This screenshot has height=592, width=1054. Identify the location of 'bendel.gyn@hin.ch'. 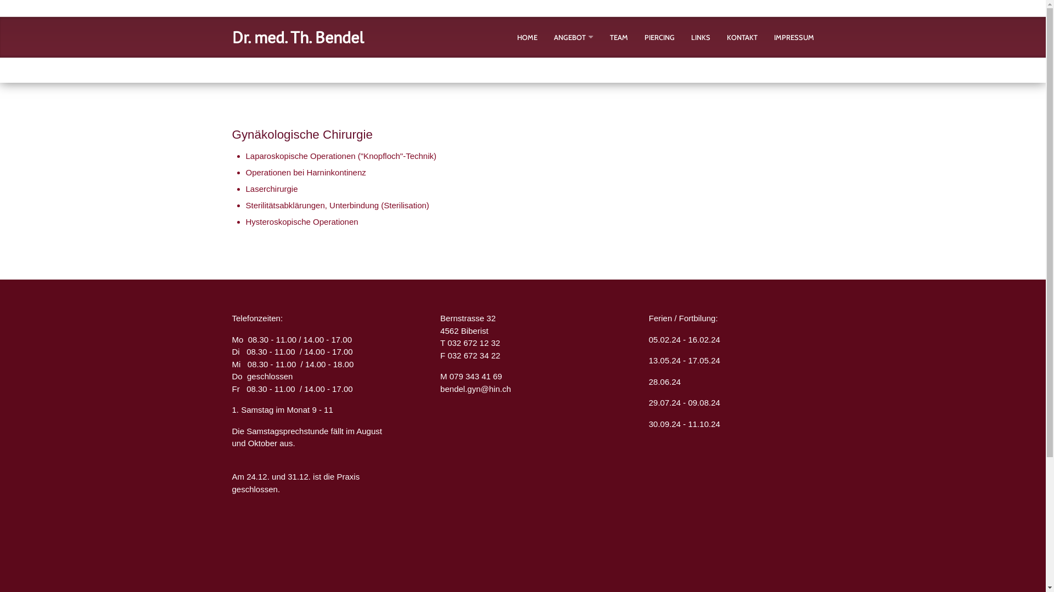
(440, 388).